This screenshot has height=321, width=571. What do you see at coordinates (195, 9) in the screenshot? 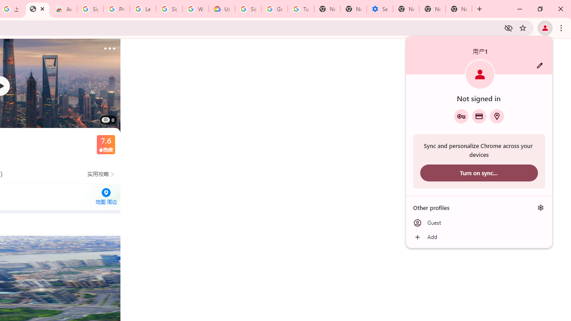
I see `'Who are Google'` at bounding box center [195, 9].